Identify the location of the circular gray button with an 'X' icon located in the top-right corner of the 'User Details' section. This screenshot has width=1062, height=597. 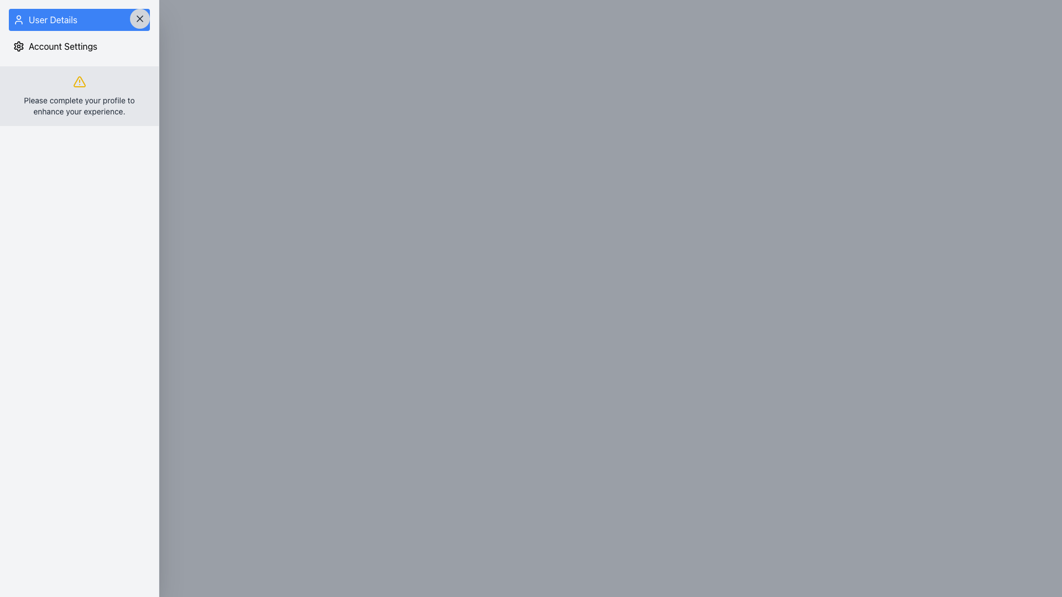
(139, 19).